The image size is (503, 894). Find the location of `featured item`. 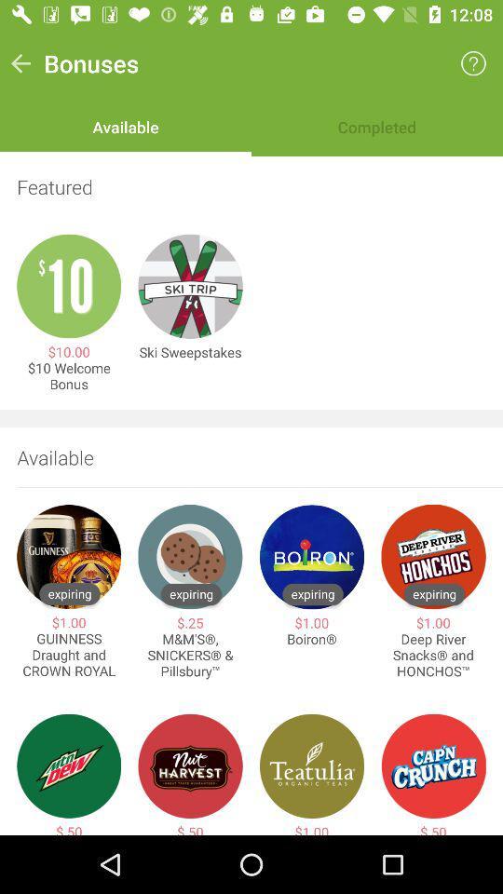

featured item is located at coordinates (251, 186).